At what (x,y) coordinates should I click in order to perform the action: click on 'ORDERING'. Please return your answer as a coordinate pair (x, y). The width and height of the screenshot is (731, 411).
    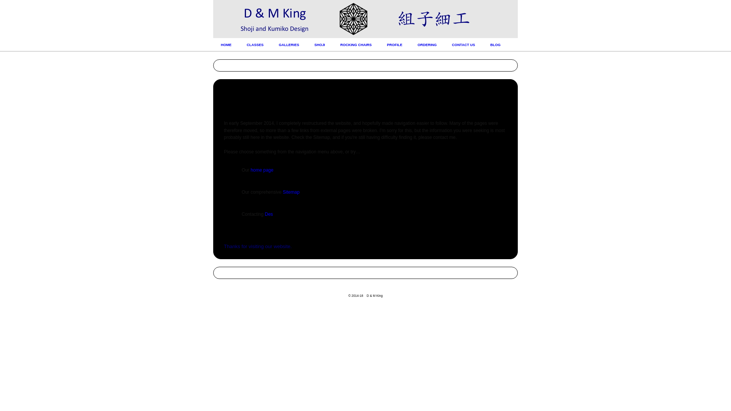
    Looking at the image, I should click on (427, 45).